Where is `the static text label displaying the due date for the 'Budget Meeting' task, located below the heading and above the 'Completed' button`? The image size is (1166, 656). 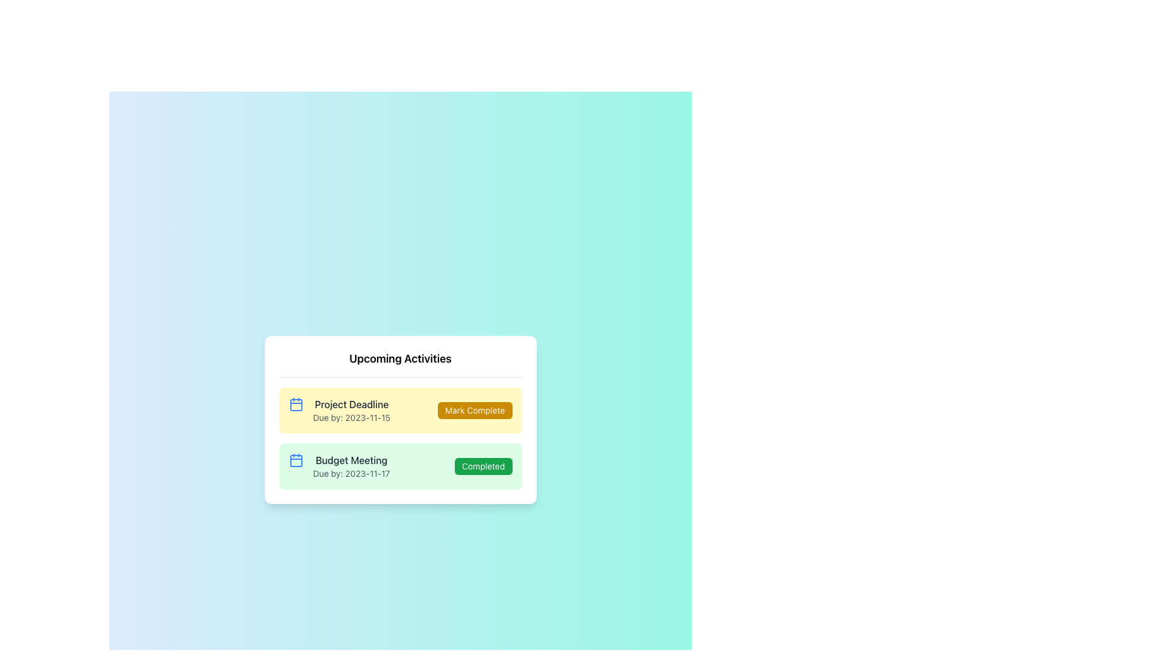 the static text label displaying the due date for the 'Budget Meeting' task, located below the heading and above the 'Completed' button is located at coordinates (350, 473).